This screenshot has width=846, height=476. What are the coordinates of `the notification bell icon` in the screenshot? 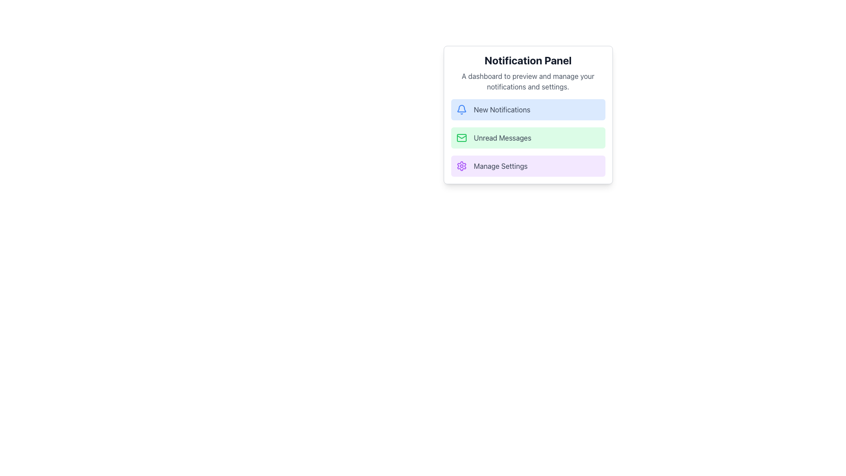 It's located at (461, 108).